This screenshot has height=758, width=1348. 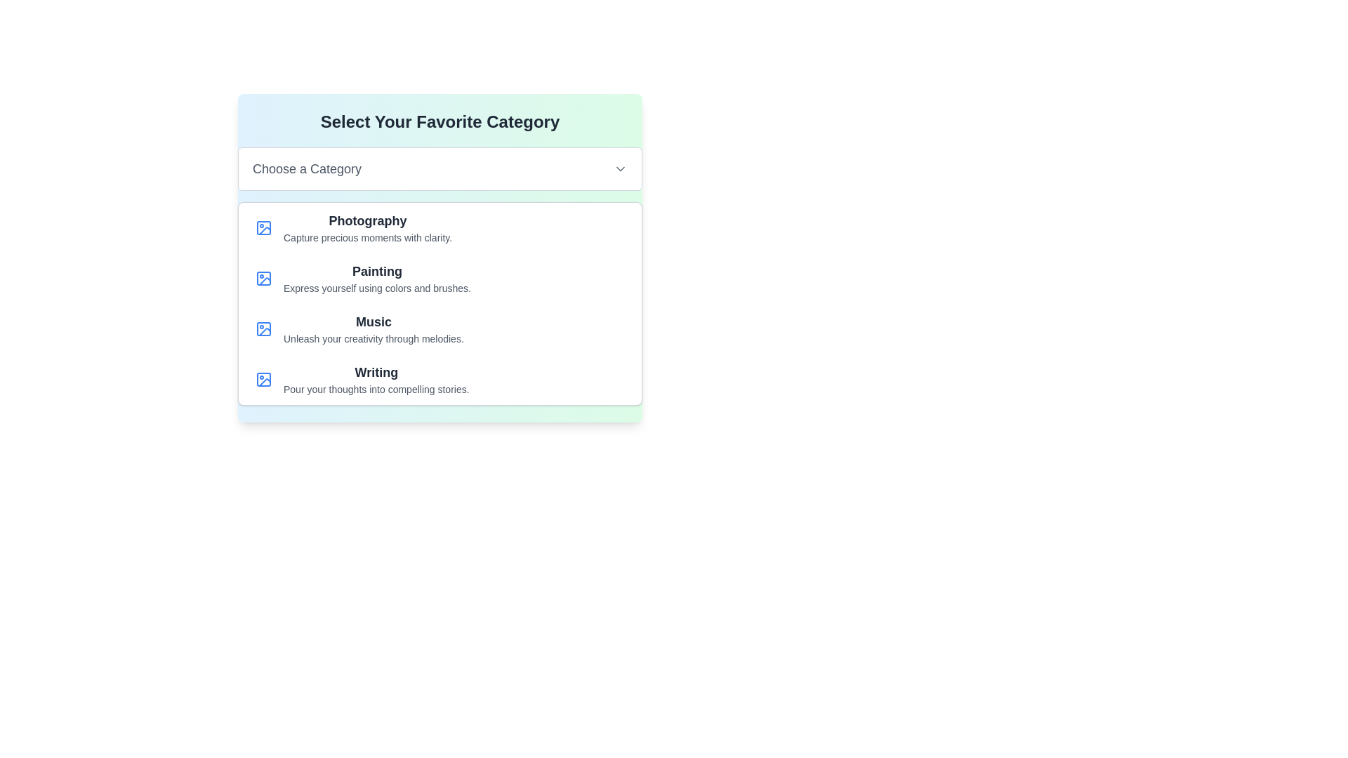 What do you see at coordinates (440, 329) in the screenshot?
I see `the clickable list item representing 'Music', which is the third item in a vertically stacked list of options` at bounding box center [440, 329].